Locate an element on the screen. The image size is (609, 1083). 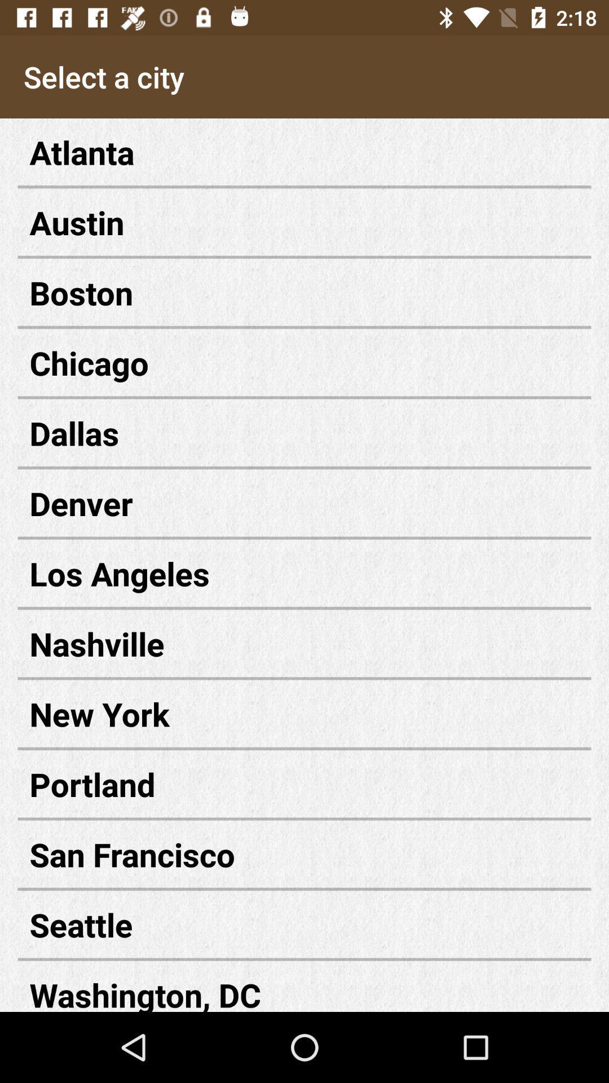
the atlanta item is located at coordinates (304, 151).